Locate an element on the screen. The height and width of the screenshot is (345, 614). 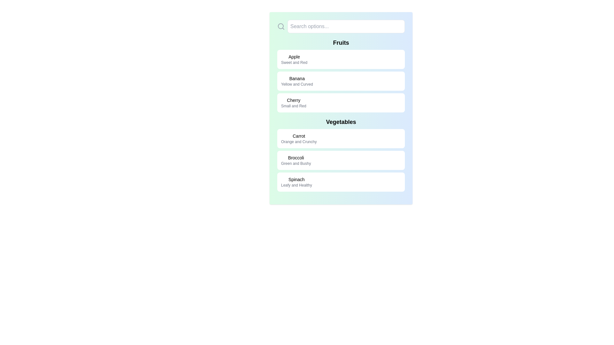
the magnifying glass icon located at the leftmost side of the search options input field is located at coordinates (281, 26).